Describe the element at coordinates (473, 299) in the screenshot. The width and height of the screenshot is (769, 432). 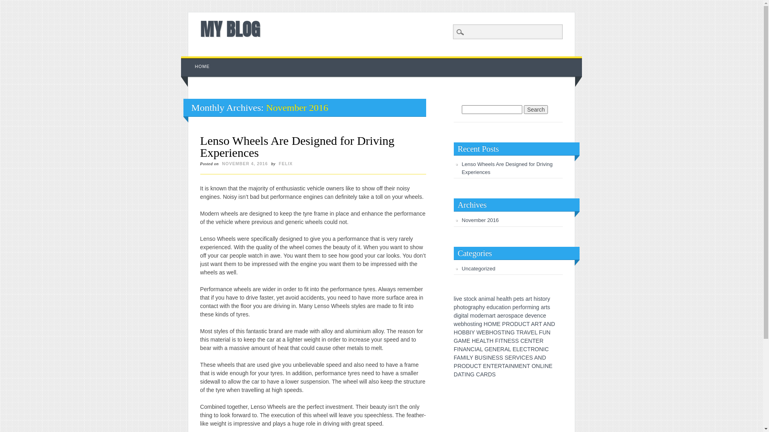
I see `'k'` at that location.